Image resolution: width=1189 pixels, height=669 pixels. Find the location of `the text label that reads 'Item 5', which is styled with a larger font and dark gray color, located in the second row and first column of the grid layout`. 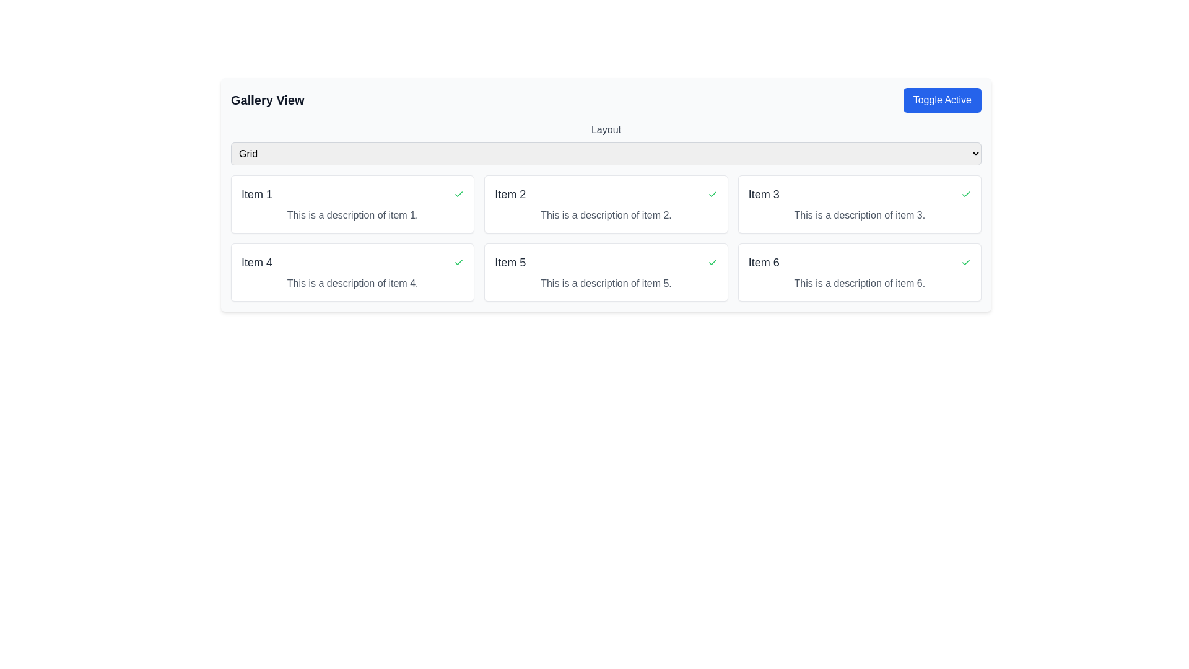

the text label that reads 'Item 5', which is styled with a larger font and dark gray color, located in the second row and first column of the grid layout is located at coordinates (510, 262).